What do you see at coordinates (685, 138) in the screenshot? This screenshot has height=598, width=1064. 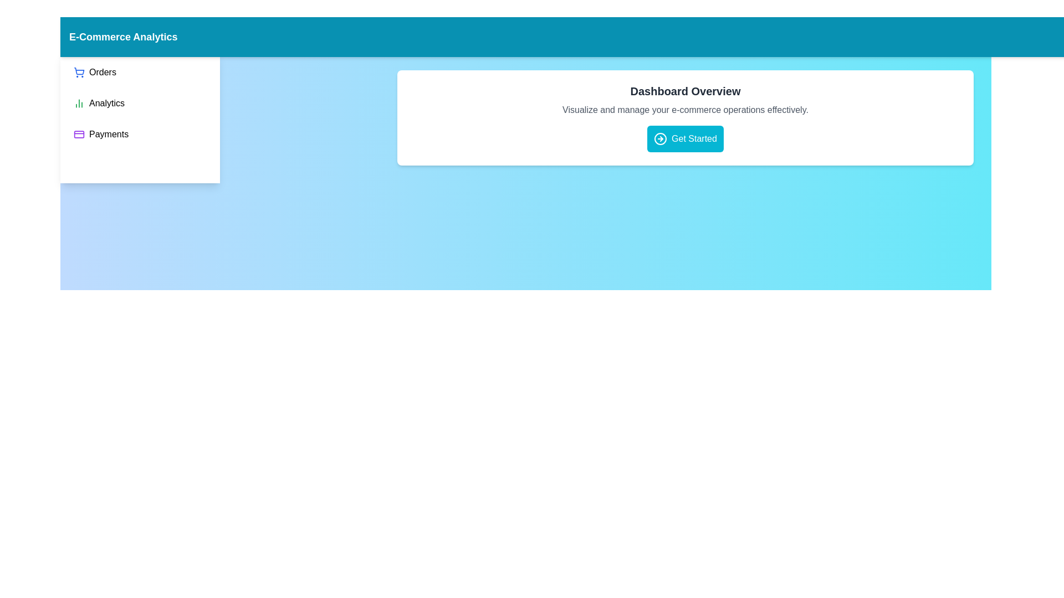 I see `the call-to-action button located below the 'Dashboard Overview' heading` at bounding box center [685, 138].